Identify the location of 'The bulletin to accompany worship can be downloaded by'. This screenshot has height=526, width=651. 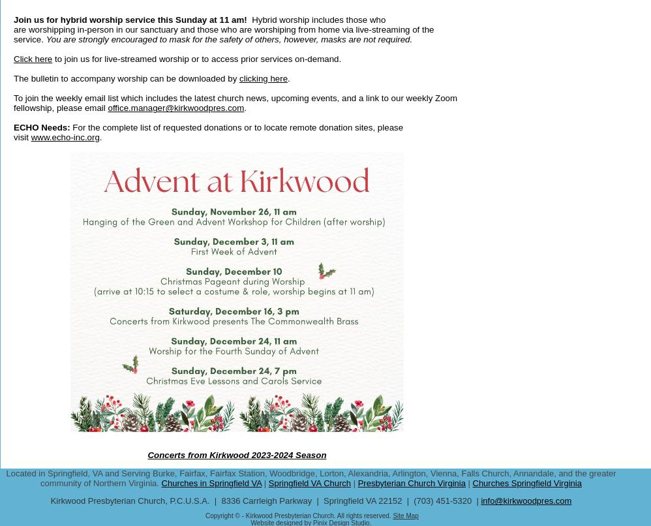
(126, 78).